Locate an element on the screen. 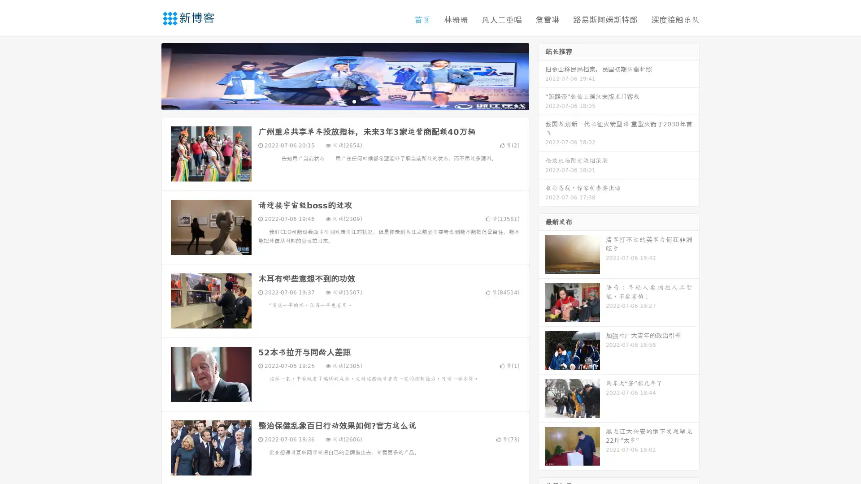 The width and height of the screenshot is (861, 484). Go to slide 3 is located at coordinates (354, 101).